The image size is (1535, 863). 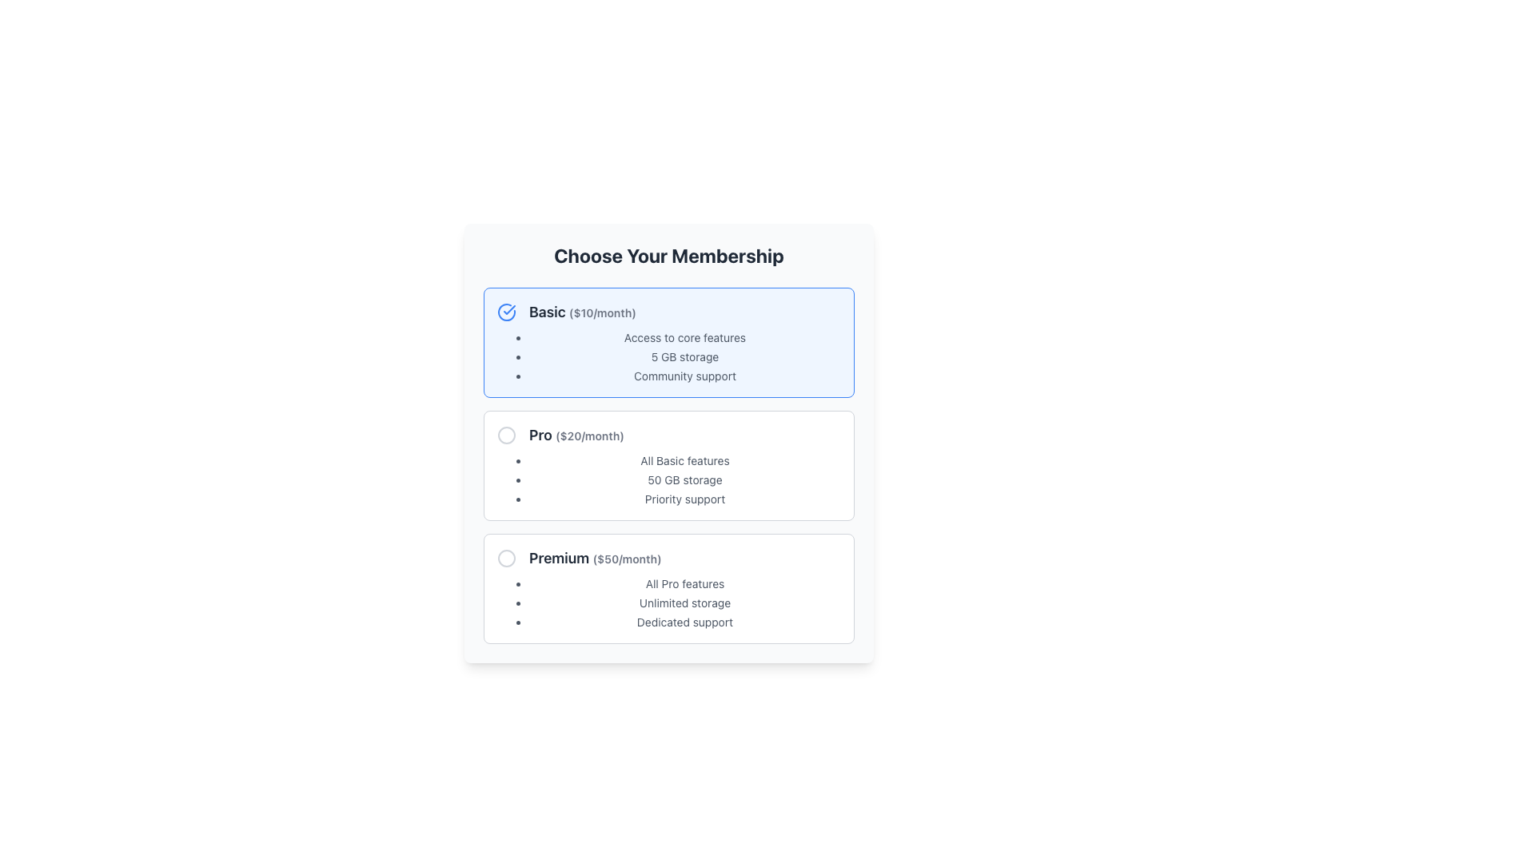 I want to click on the Text List summarizing the benefits of the 'Pro' membership plan, located centrally beneath the title 'Pro ($20/month)', so click(x=668, y=479).